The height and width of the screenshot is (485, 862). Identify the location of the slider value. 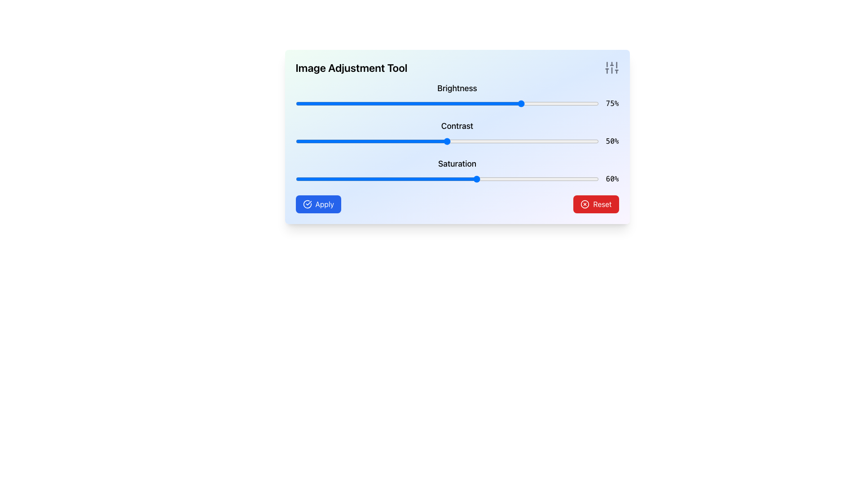
(544, 179).